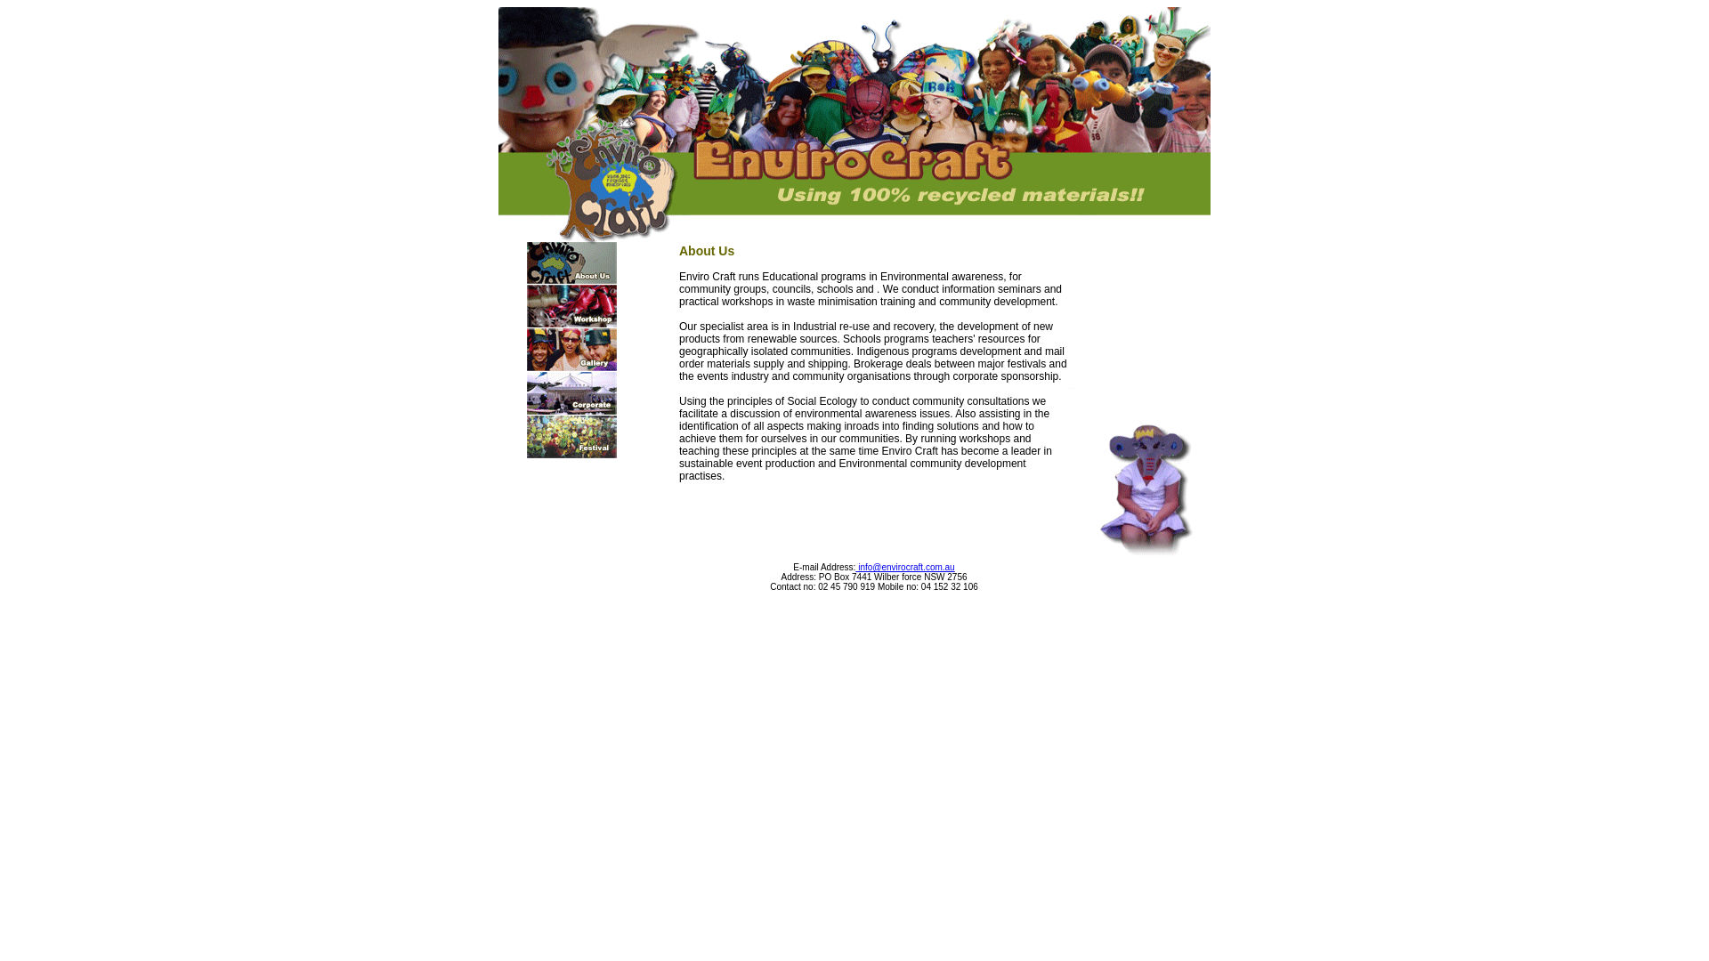 The height and width of the screenshot is (961, 1709). I want to click on 'info@envirocraft.com.au', so click(904, 567).